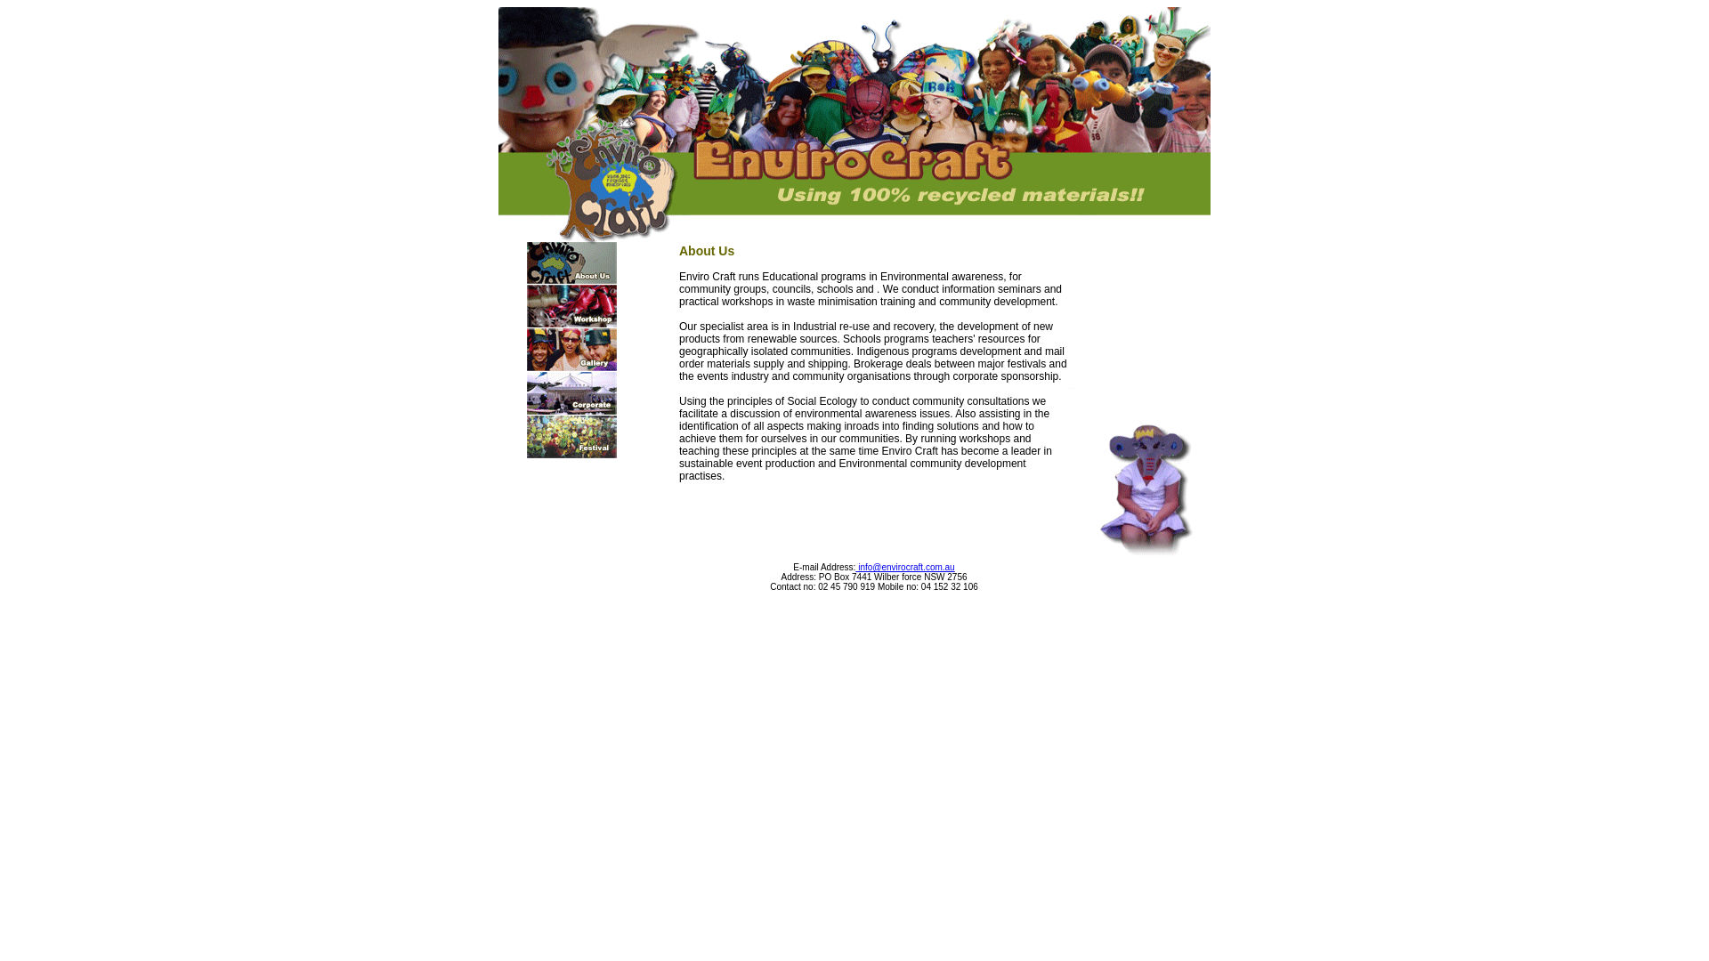 The height and width of the screenshot is (961, 1709). I want to click on 'info@envirocraft.com.au', so click(904, 567).